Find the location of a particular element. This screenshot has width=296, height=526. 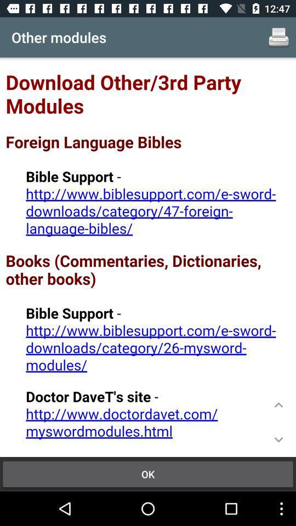

the expand_less icon is located at coordinates (278, 404).